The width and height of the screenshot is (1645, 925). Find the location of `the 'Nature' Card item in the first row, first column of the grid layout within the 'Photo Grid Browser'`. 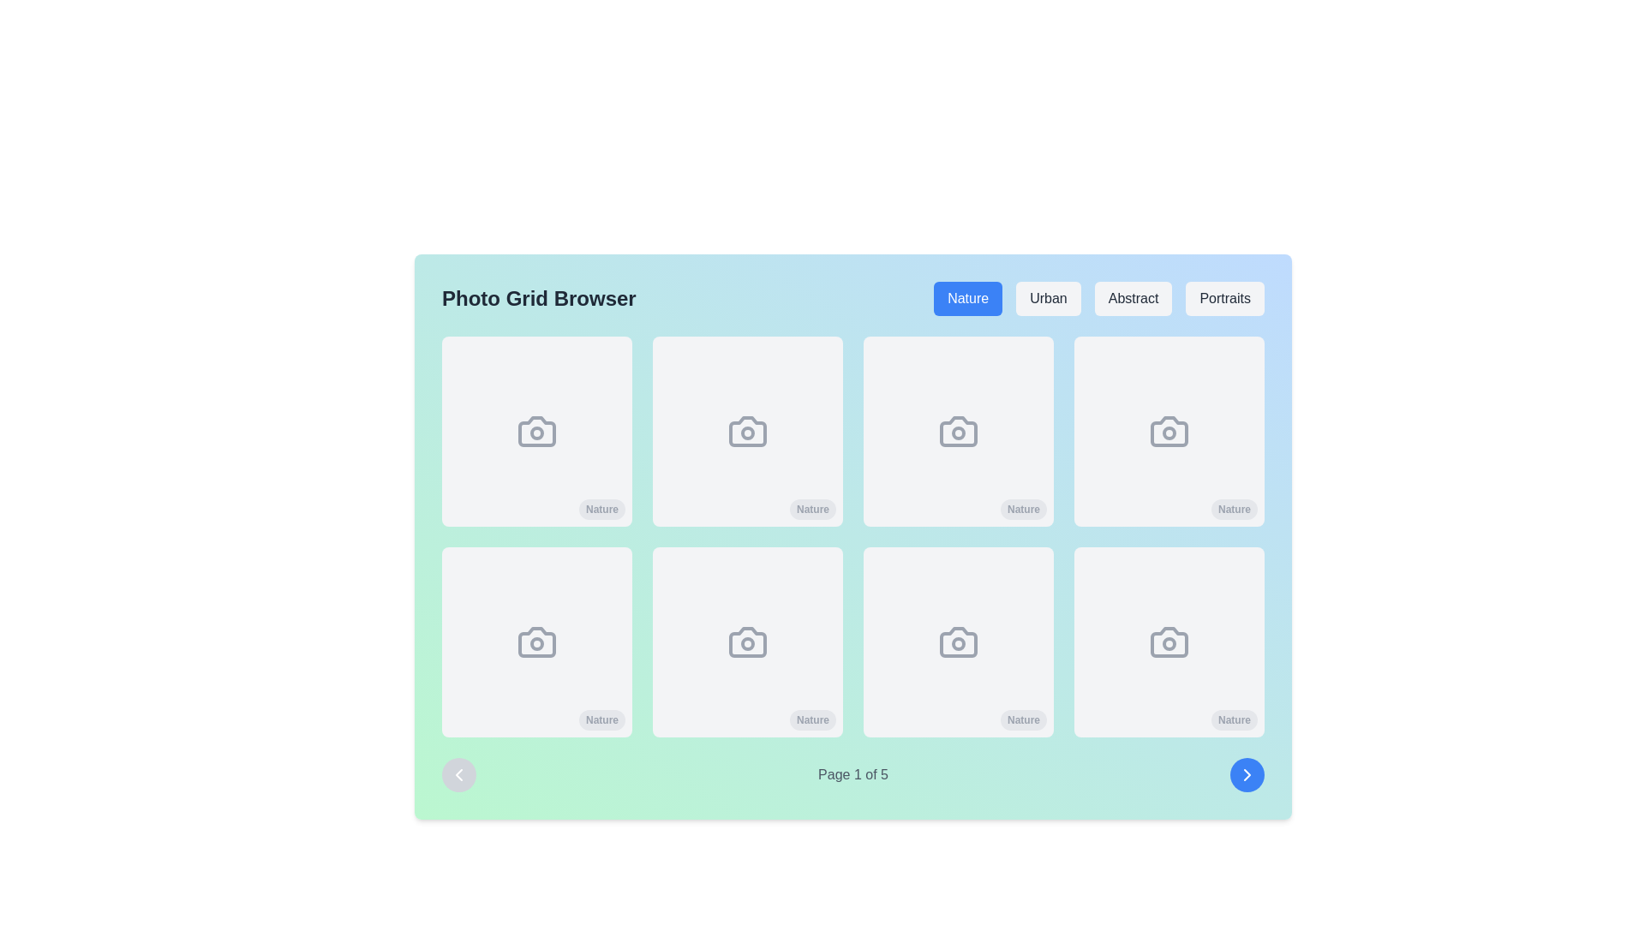

the 'Nature' Card item in the first row, first column of the grid layout within the 'Photo Grid Browser' is located at coordinates (536, 431).